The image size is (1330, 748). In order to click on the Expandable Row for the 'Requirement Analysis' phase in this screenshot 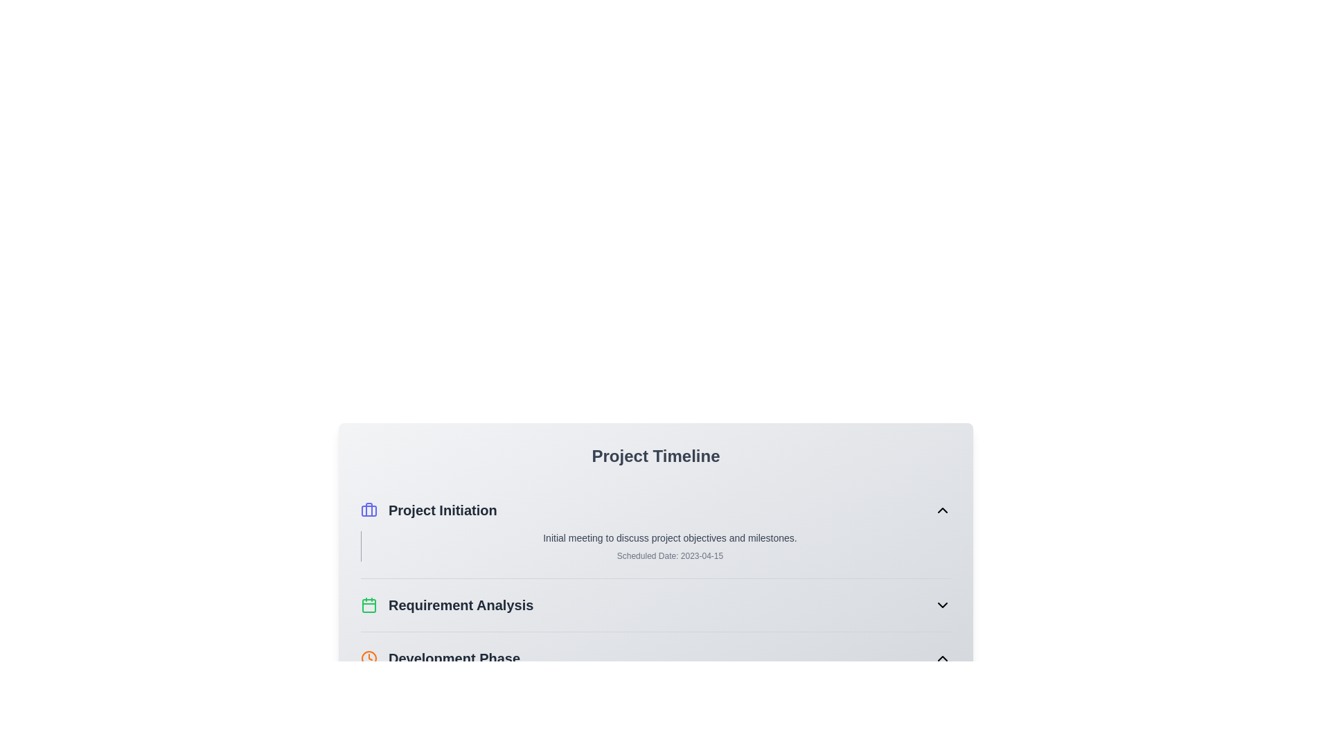, I will do `click(655, 605)`.